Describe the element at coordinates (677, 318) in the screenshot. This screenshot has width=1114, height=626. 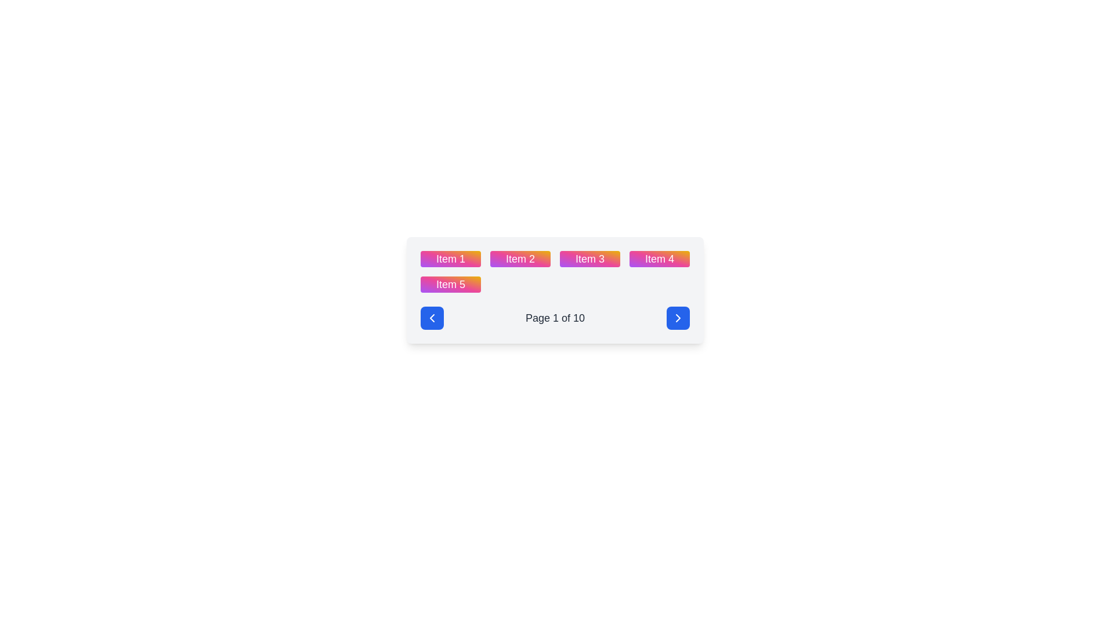
I see `the rectangular button with a solid blue background and a right-pointing chevron icon` at that location.